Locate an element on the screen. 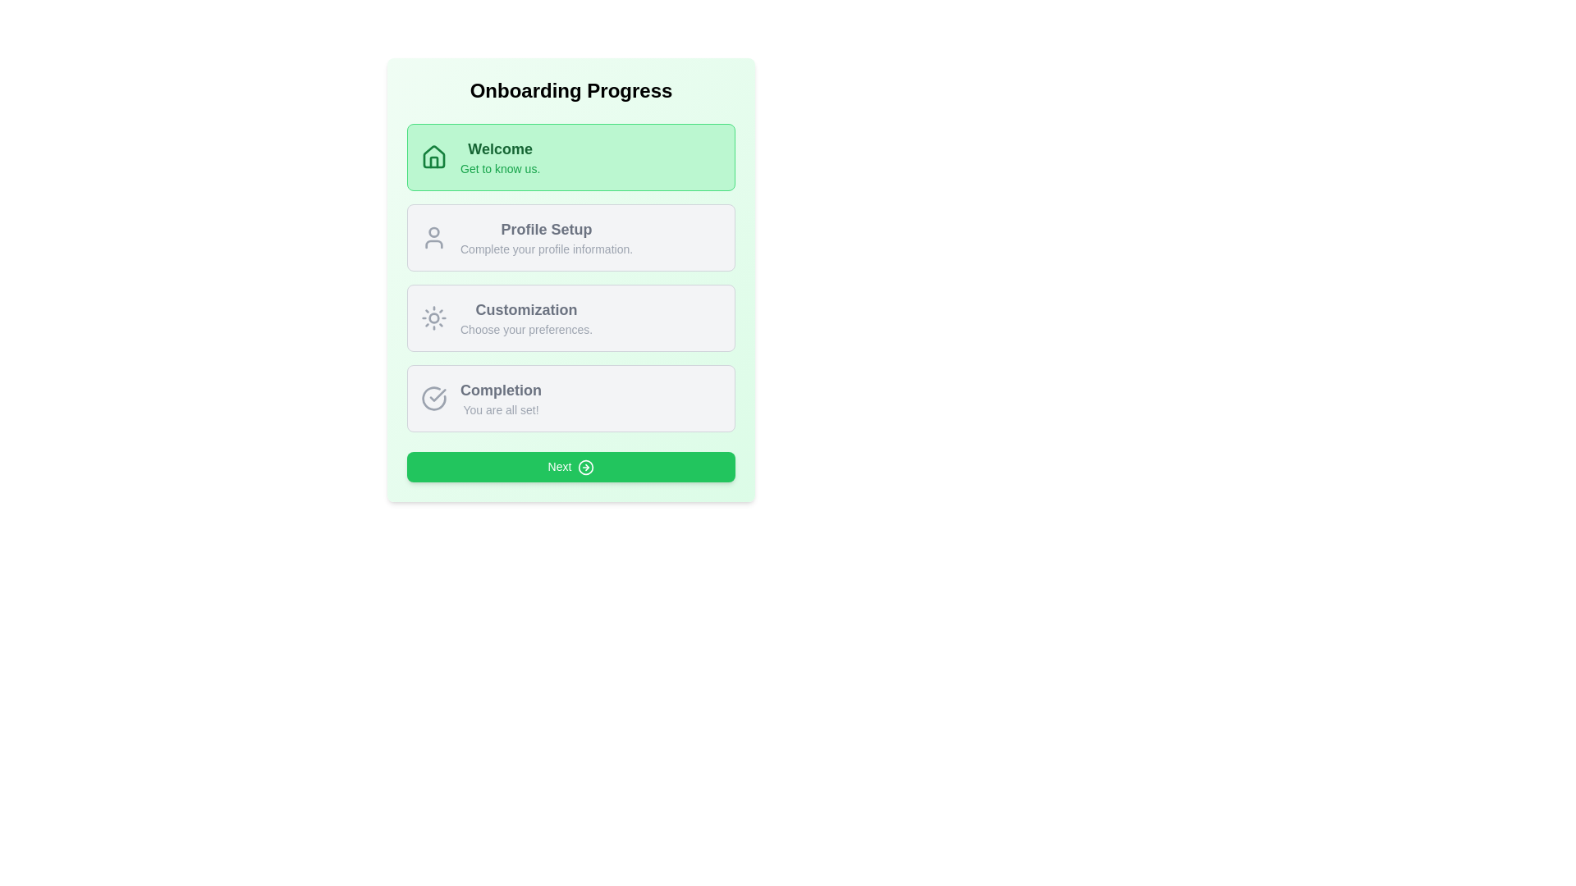 The image size is (1576, 886). text of the header label for the onboarding progress section, which is centrally aligned above all other onboarding steps is located at coordinates (571, 91).